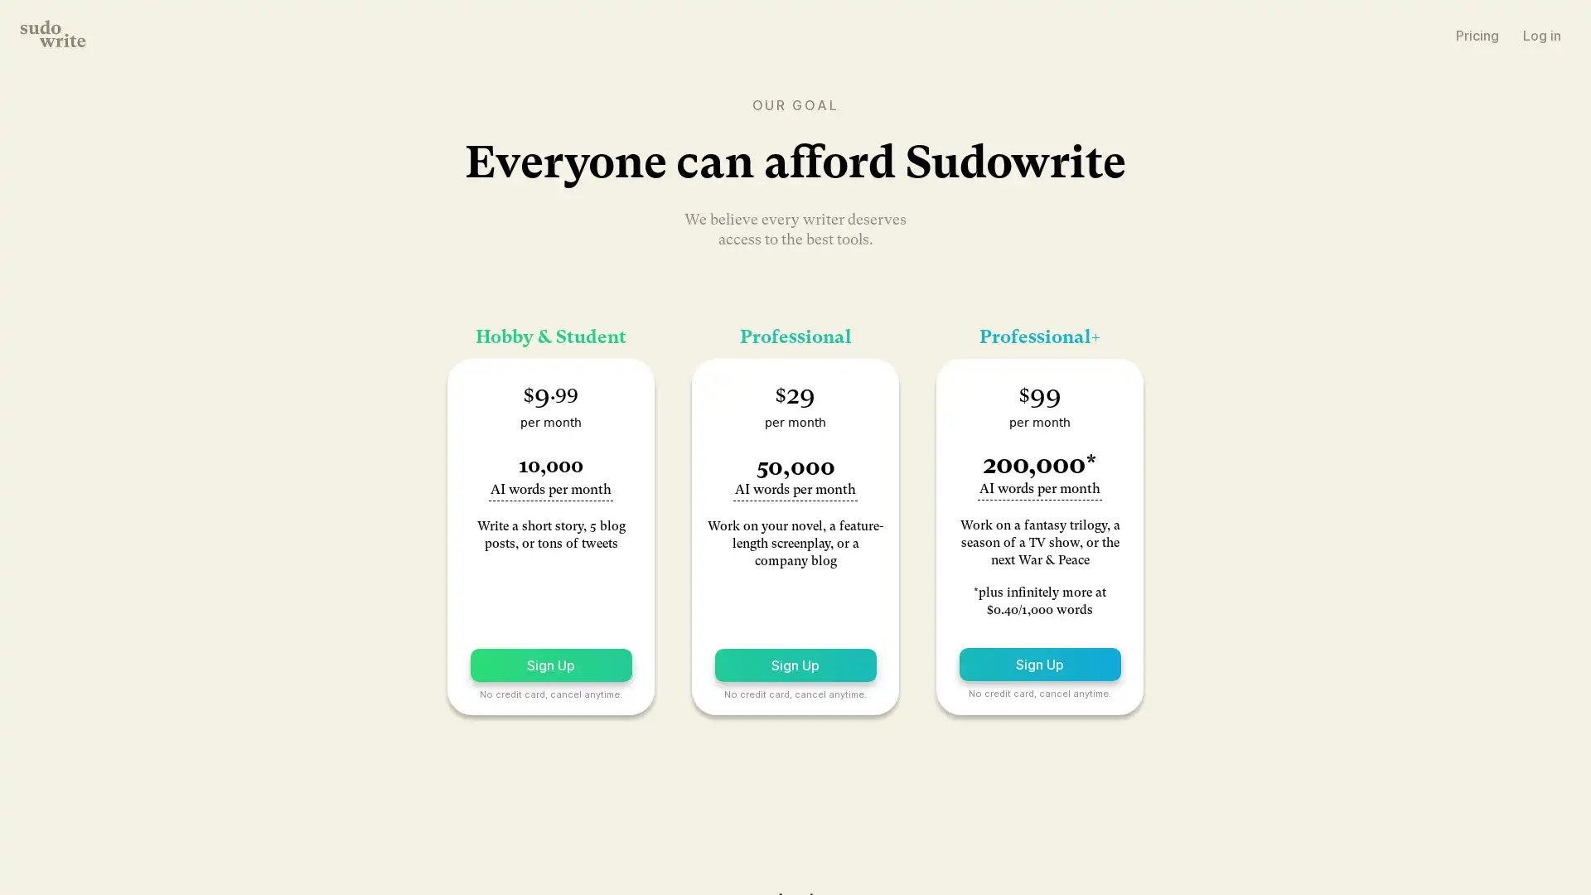 This screenshot has width=1591, height=895. What do you see at coordinates (1038, 664) in the screenshot?
I see `Sign Up` at bounding box center [1038, 664].